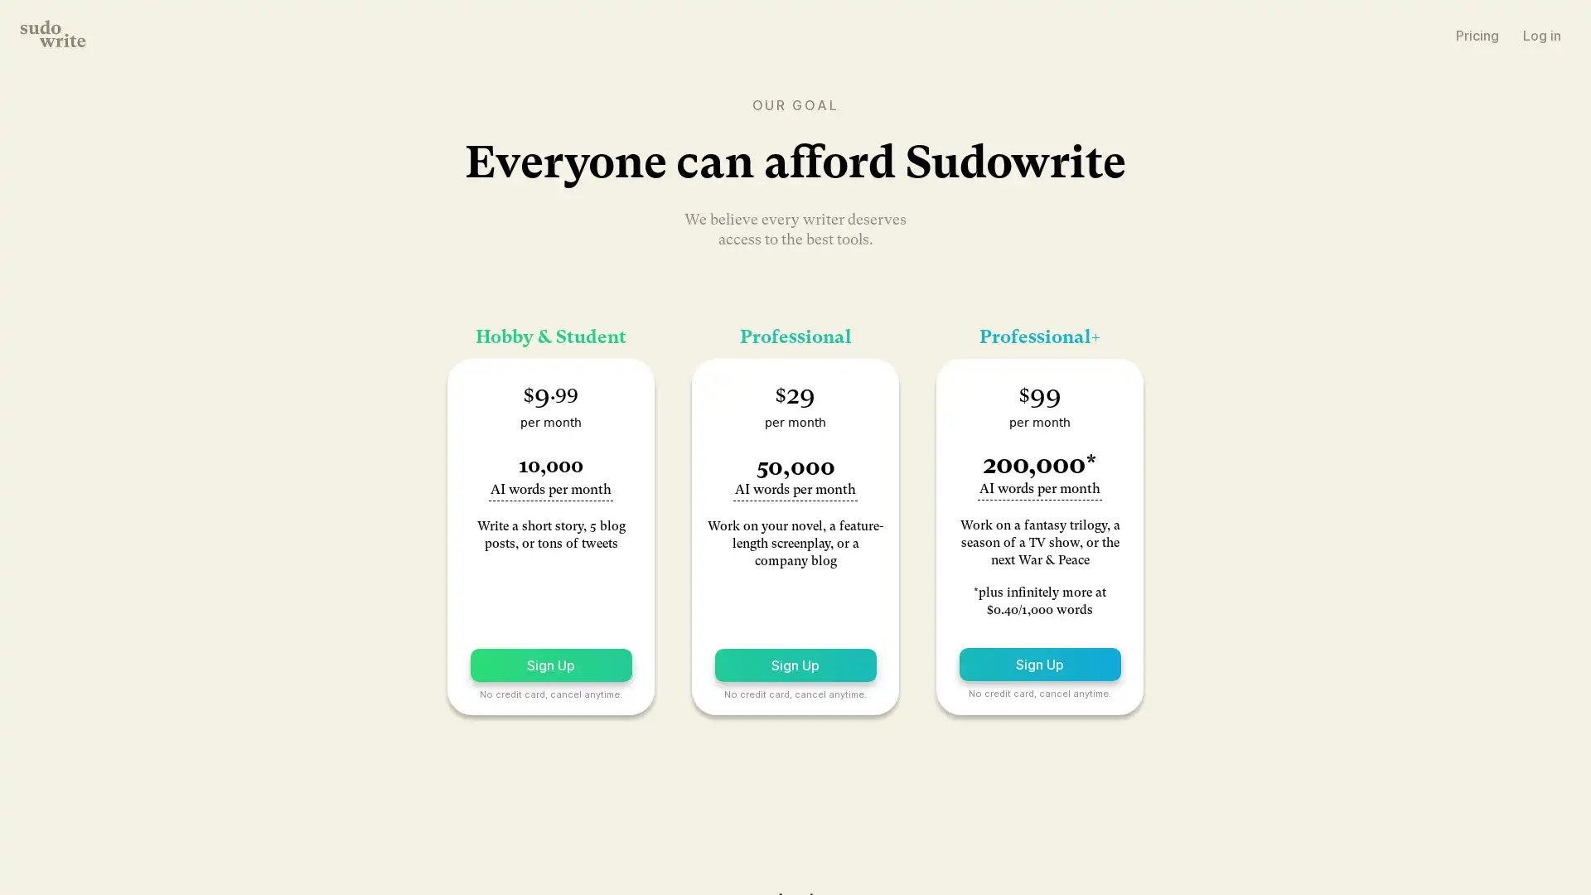 This screenshot has width=1591, height=895. What do you see at coordinates (1038, 664) in the screenshot?
I see `Sign Up` at bounding box center [1038, 664].